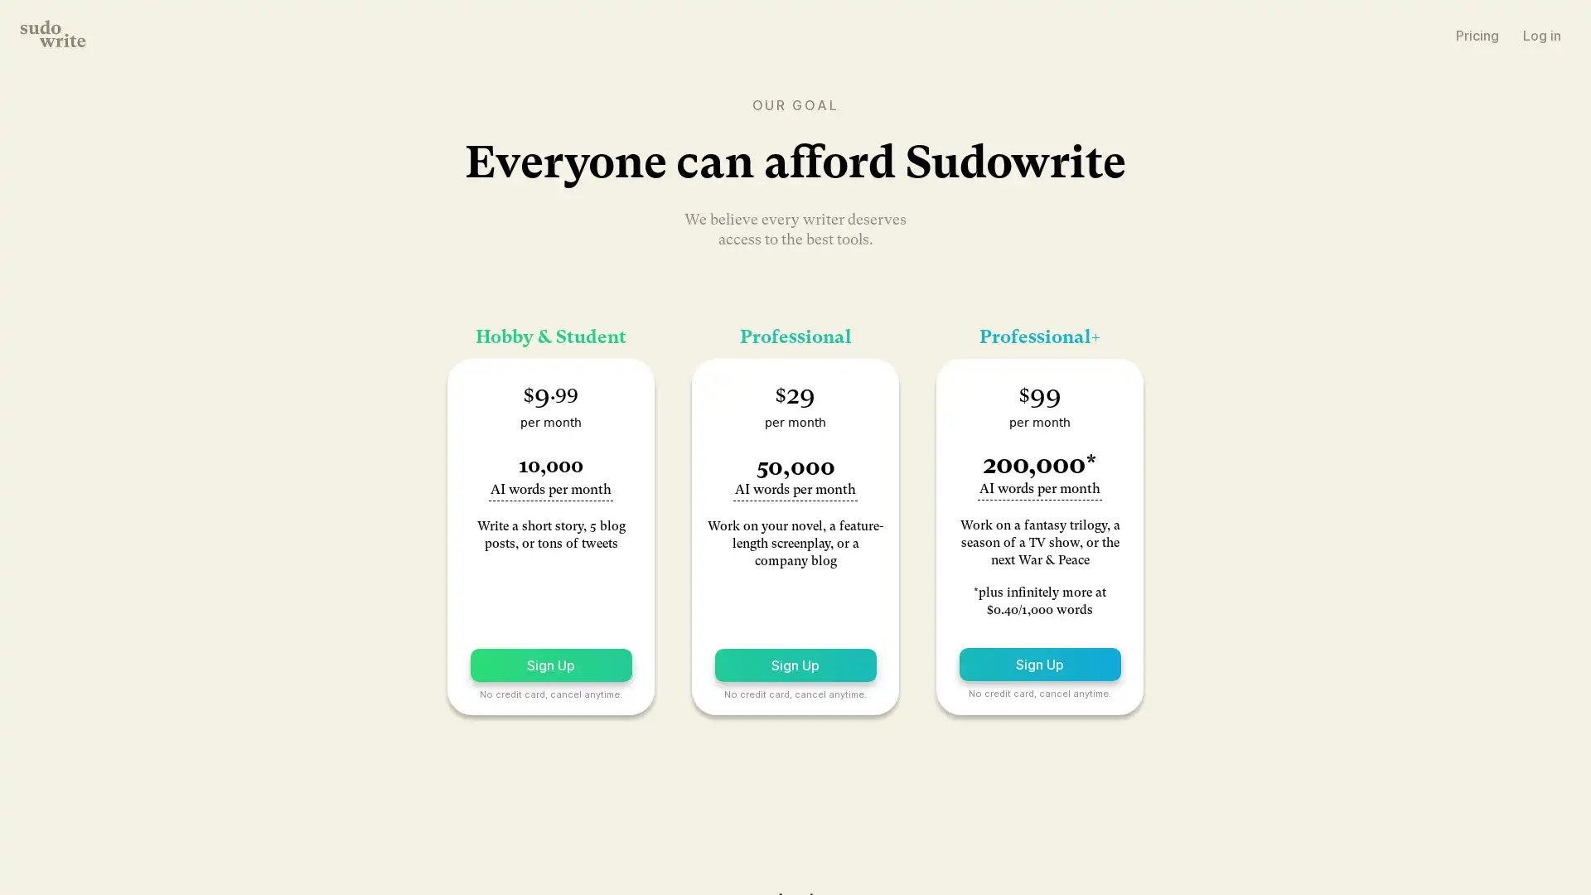 This screenshot has width=1591, height=895. What do you see at coordinates (1038, 664) in the screenshot?
I see `Sign Up` at bounding box center [1038, 664].